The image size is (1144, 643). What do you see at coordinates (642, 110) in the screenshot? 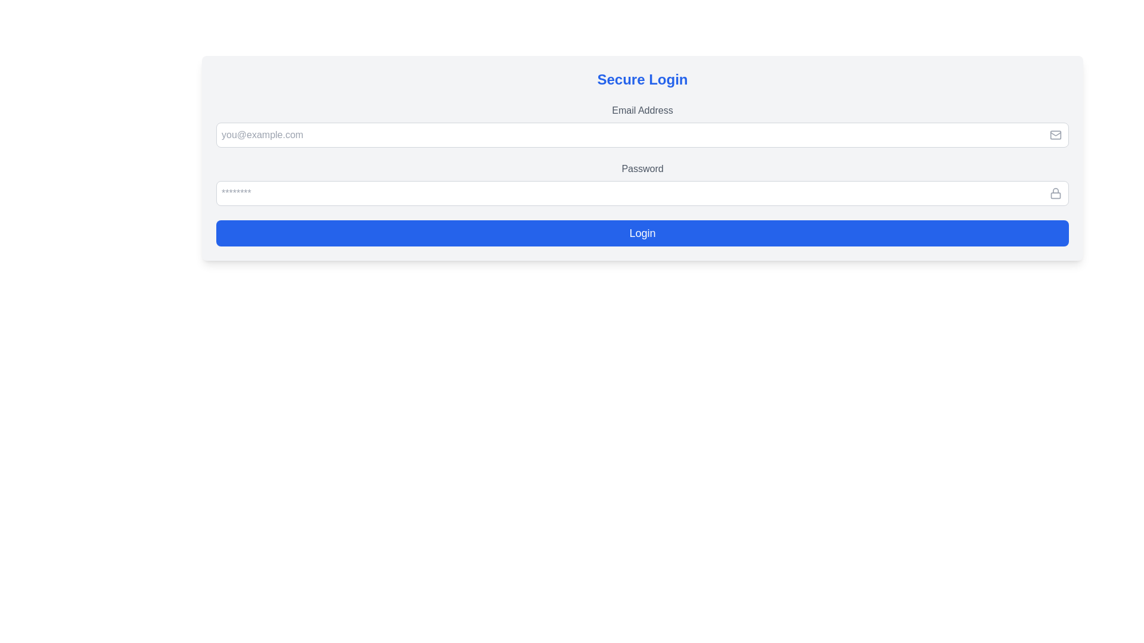
I see `the label text that provides contextual information for the email input field, located centrally within the form above the password field` at bounding box center [642, 110].